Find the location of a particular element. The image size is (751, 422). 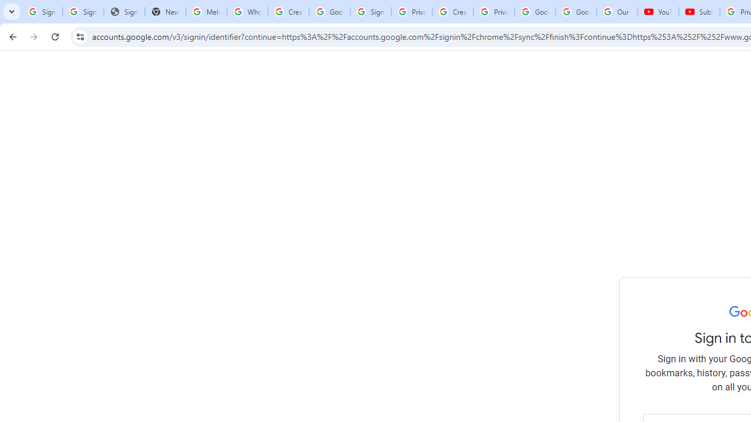

'Sign in - Google Accounts' is located at coordinates (370, 12).